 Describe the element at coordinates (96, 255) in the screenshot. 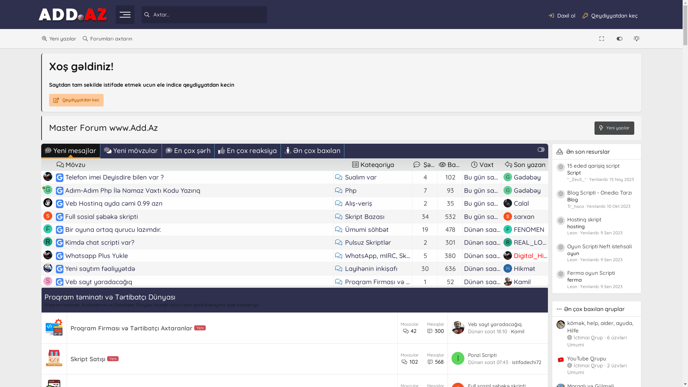

I see `'Whatsapp Plus Yukle'` at that location.